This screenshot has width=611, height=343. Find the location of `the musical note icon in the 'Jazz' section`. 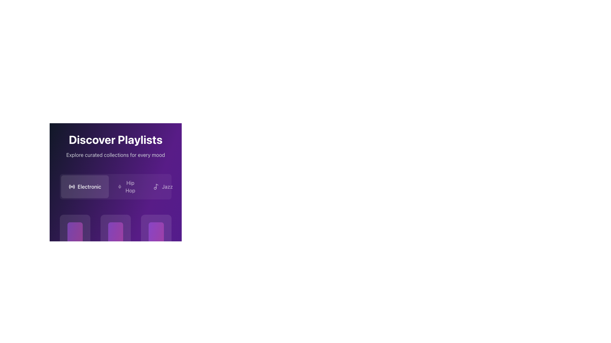

the musical note icon in the 'Jazz' section is located at coordinates (156, 186).